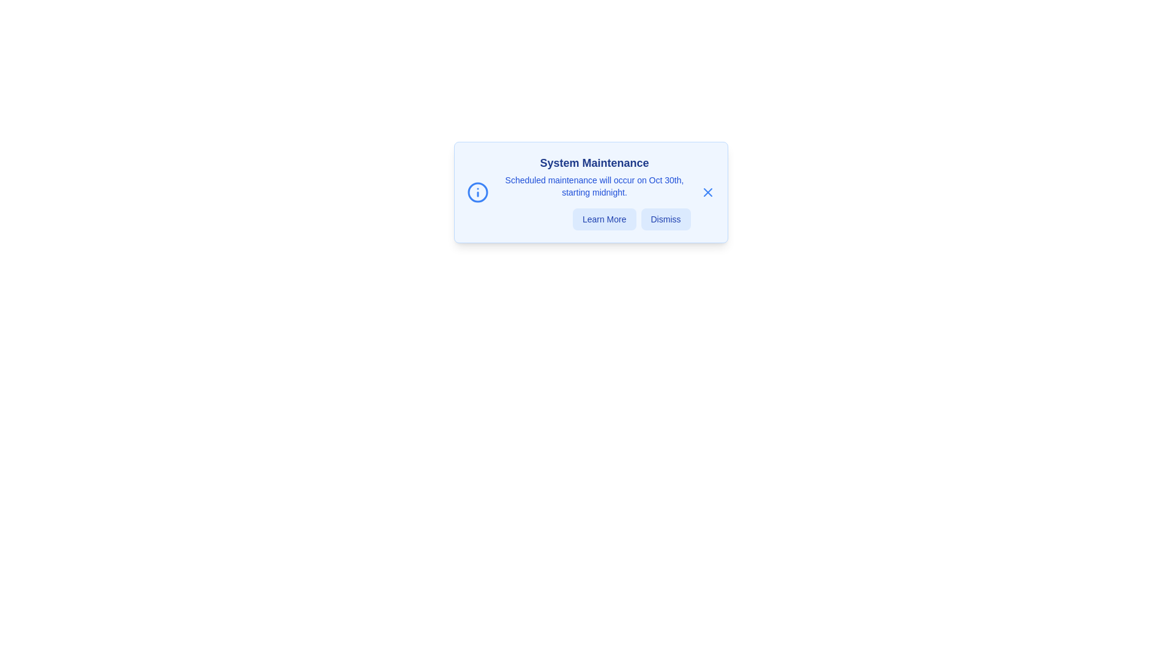 This screenshot has width=1175, height=660. I want to click on the close button with an 'X' icon in the top-right corner of the alert box, so click(707, 193).